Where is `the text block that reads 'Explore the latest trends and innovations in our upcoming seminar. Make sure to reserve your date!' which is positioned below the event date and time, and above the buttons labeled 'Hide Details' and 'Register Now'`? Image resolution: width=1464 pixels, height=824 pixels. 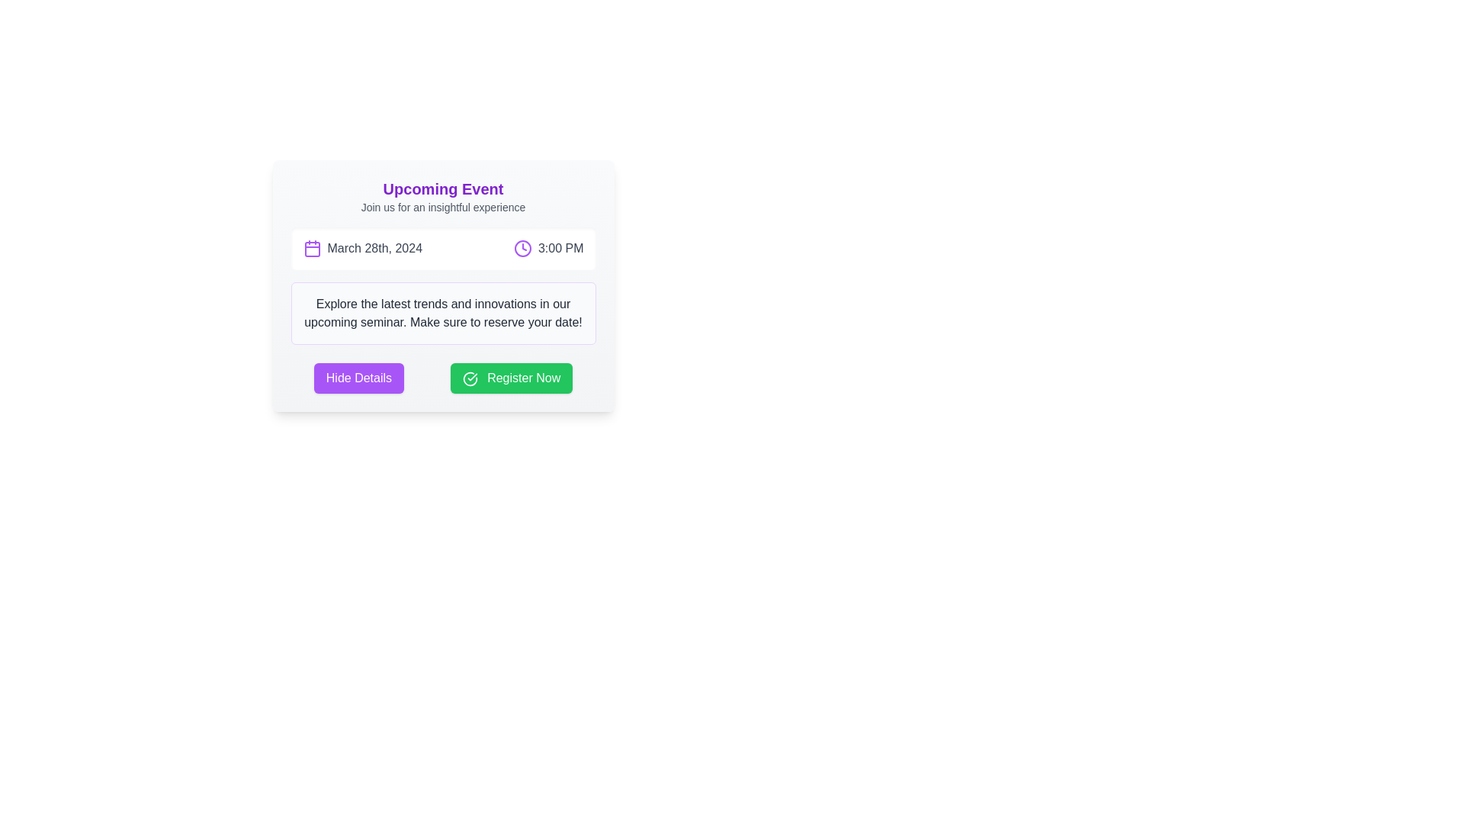
the text block that reads 'Explore the latest trends and innovations in our upcoming seminar. Make sure to reserve your date!' which is positioned below the event date and time, and above the buttons labeled 'Hide Details' and 'Register Now' is located at coordinates (442, 313).